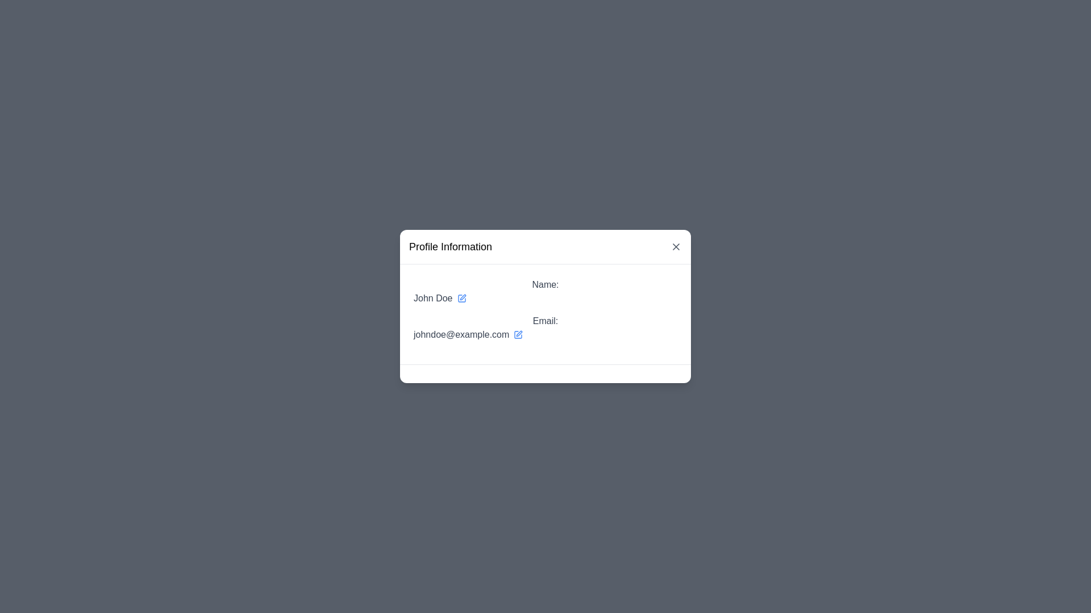 The image size is (1091, 613). I want to click on the edit icon located to the right of the email address in the 'Profile Information' dialog box to initiate editing of the email address, so click(518, 334).